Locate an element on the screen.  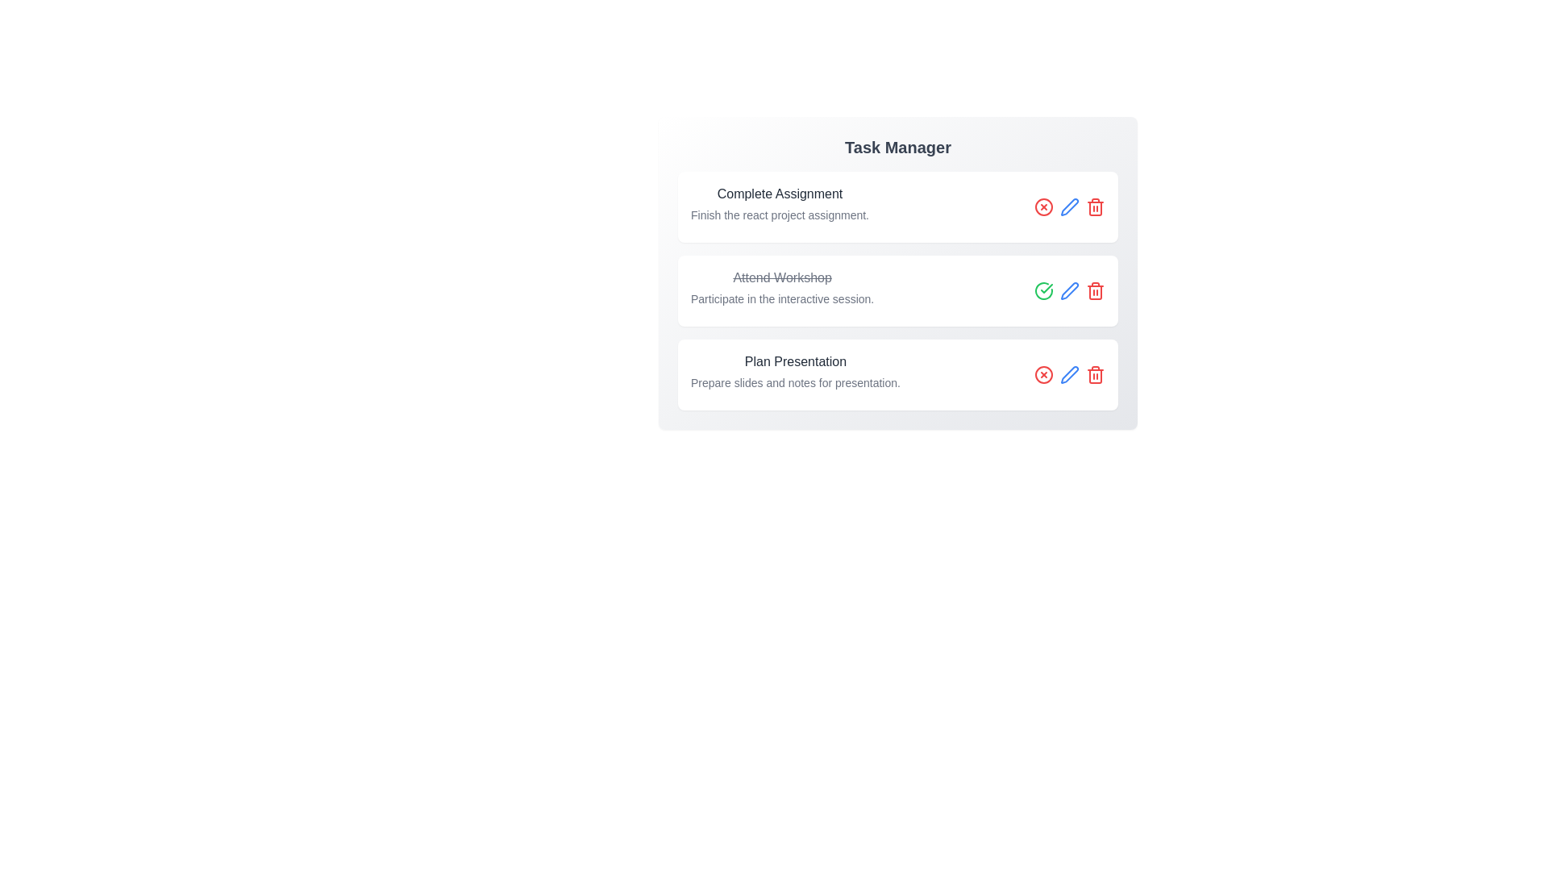
delete button for the task titled 'Plan Presentation' is located at coordinates (1095, 375).